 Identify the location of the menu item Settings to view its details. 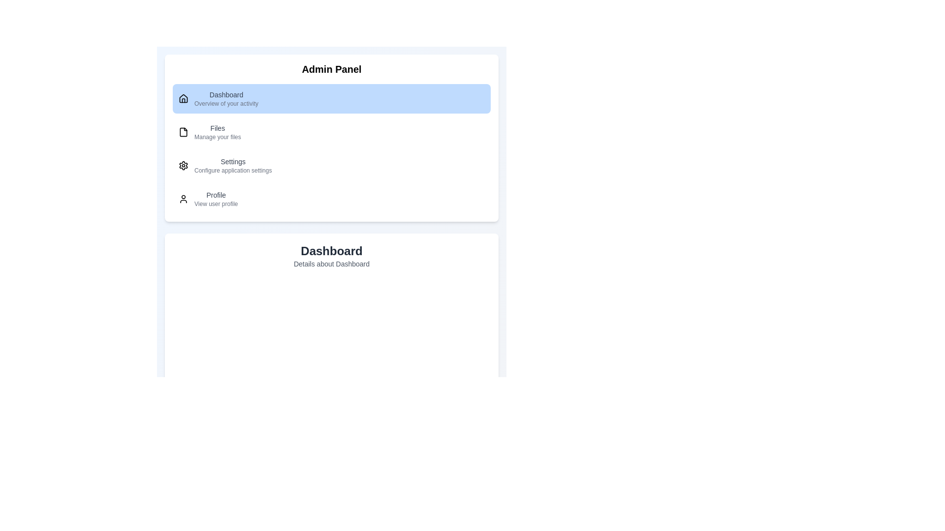
(331, 165).